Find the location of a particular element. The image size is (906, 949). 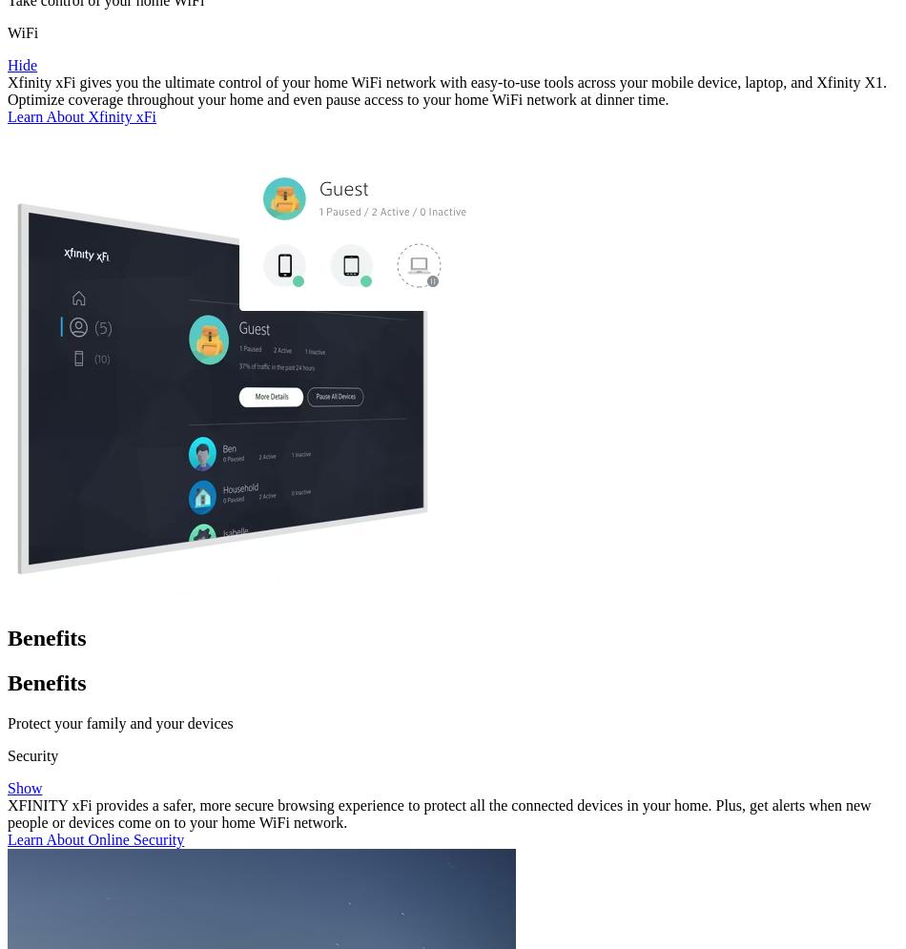

'XFINITY xFi provides a safer, more secure browsing experience to protect all the connected devices in your home. Plus, get alerts when new people or devices come on to your home WiFi network.' is located at coordinates (438, 813).